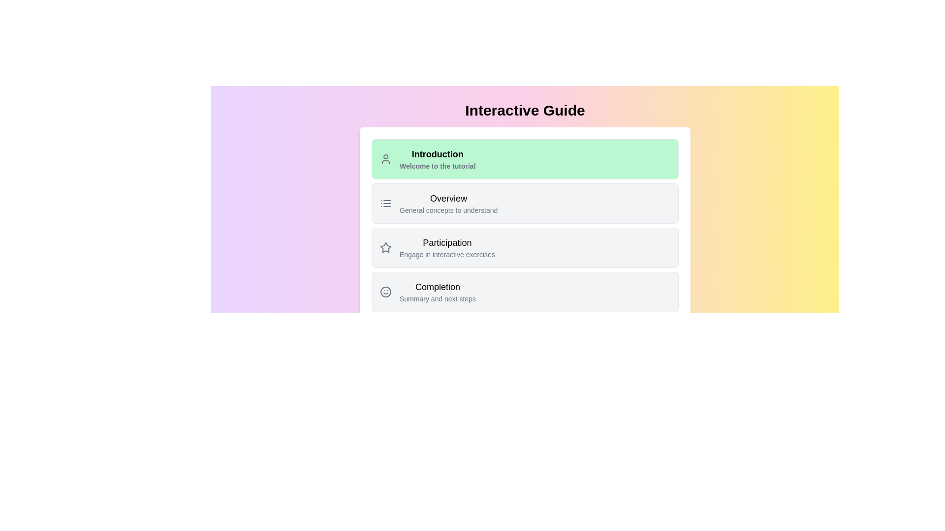 The image size is (945, 531). What do you see at coordinates (437, 298) in the screenshot?
I see `the Text label that provides additional information related to the 'Completion' step in the guide, positioned below 'Participation'` at bounding box center [437, 298].